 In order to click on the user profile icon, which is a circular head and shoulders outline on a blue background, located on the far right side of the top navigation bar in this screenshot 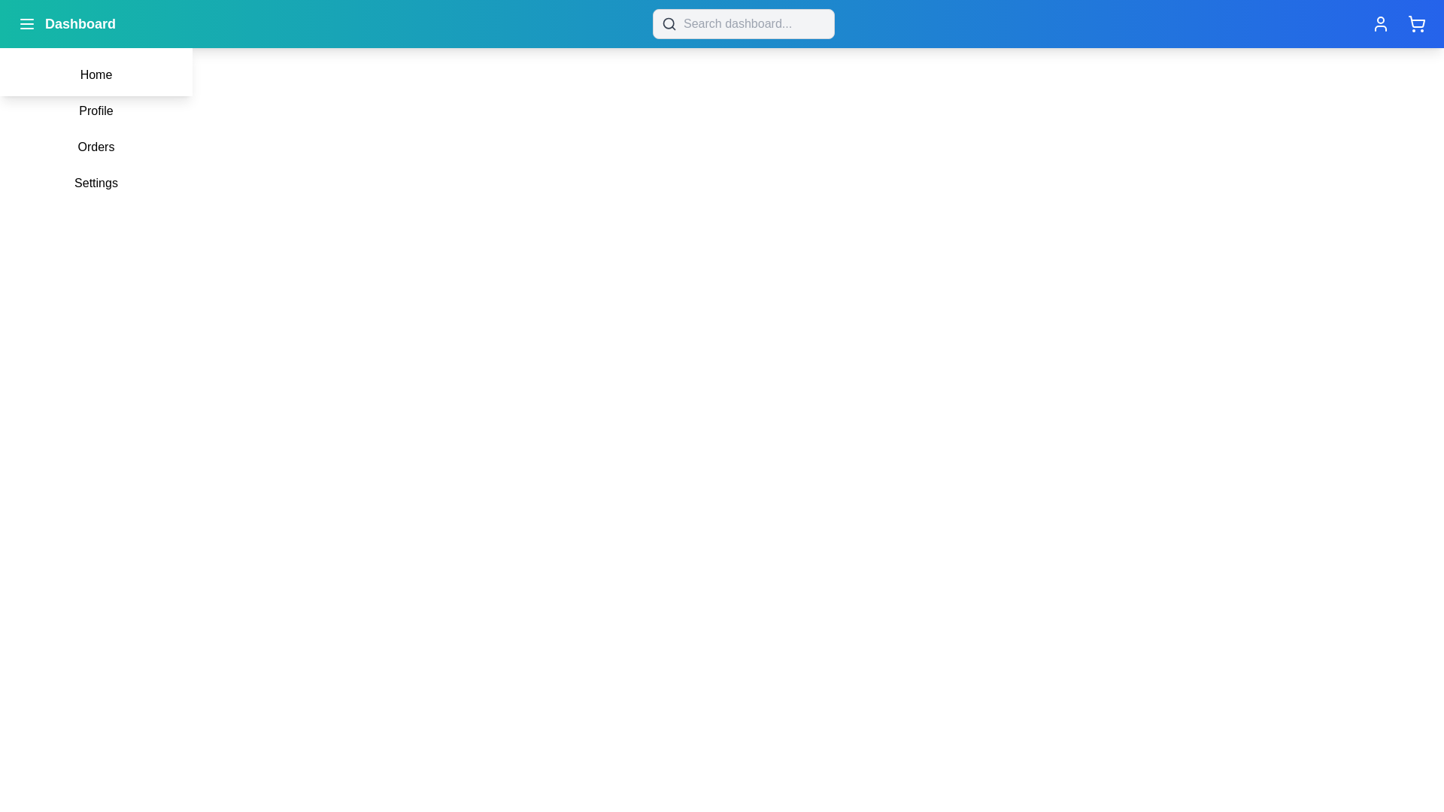, I will do `click(1381, 23)`.